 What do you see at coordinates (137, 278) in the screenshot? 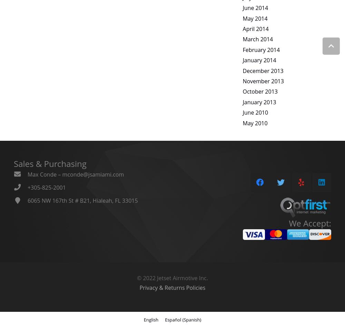
I see `'© 2022 Jetset Airmotive Inc.'` at bounding box center [137, 278].